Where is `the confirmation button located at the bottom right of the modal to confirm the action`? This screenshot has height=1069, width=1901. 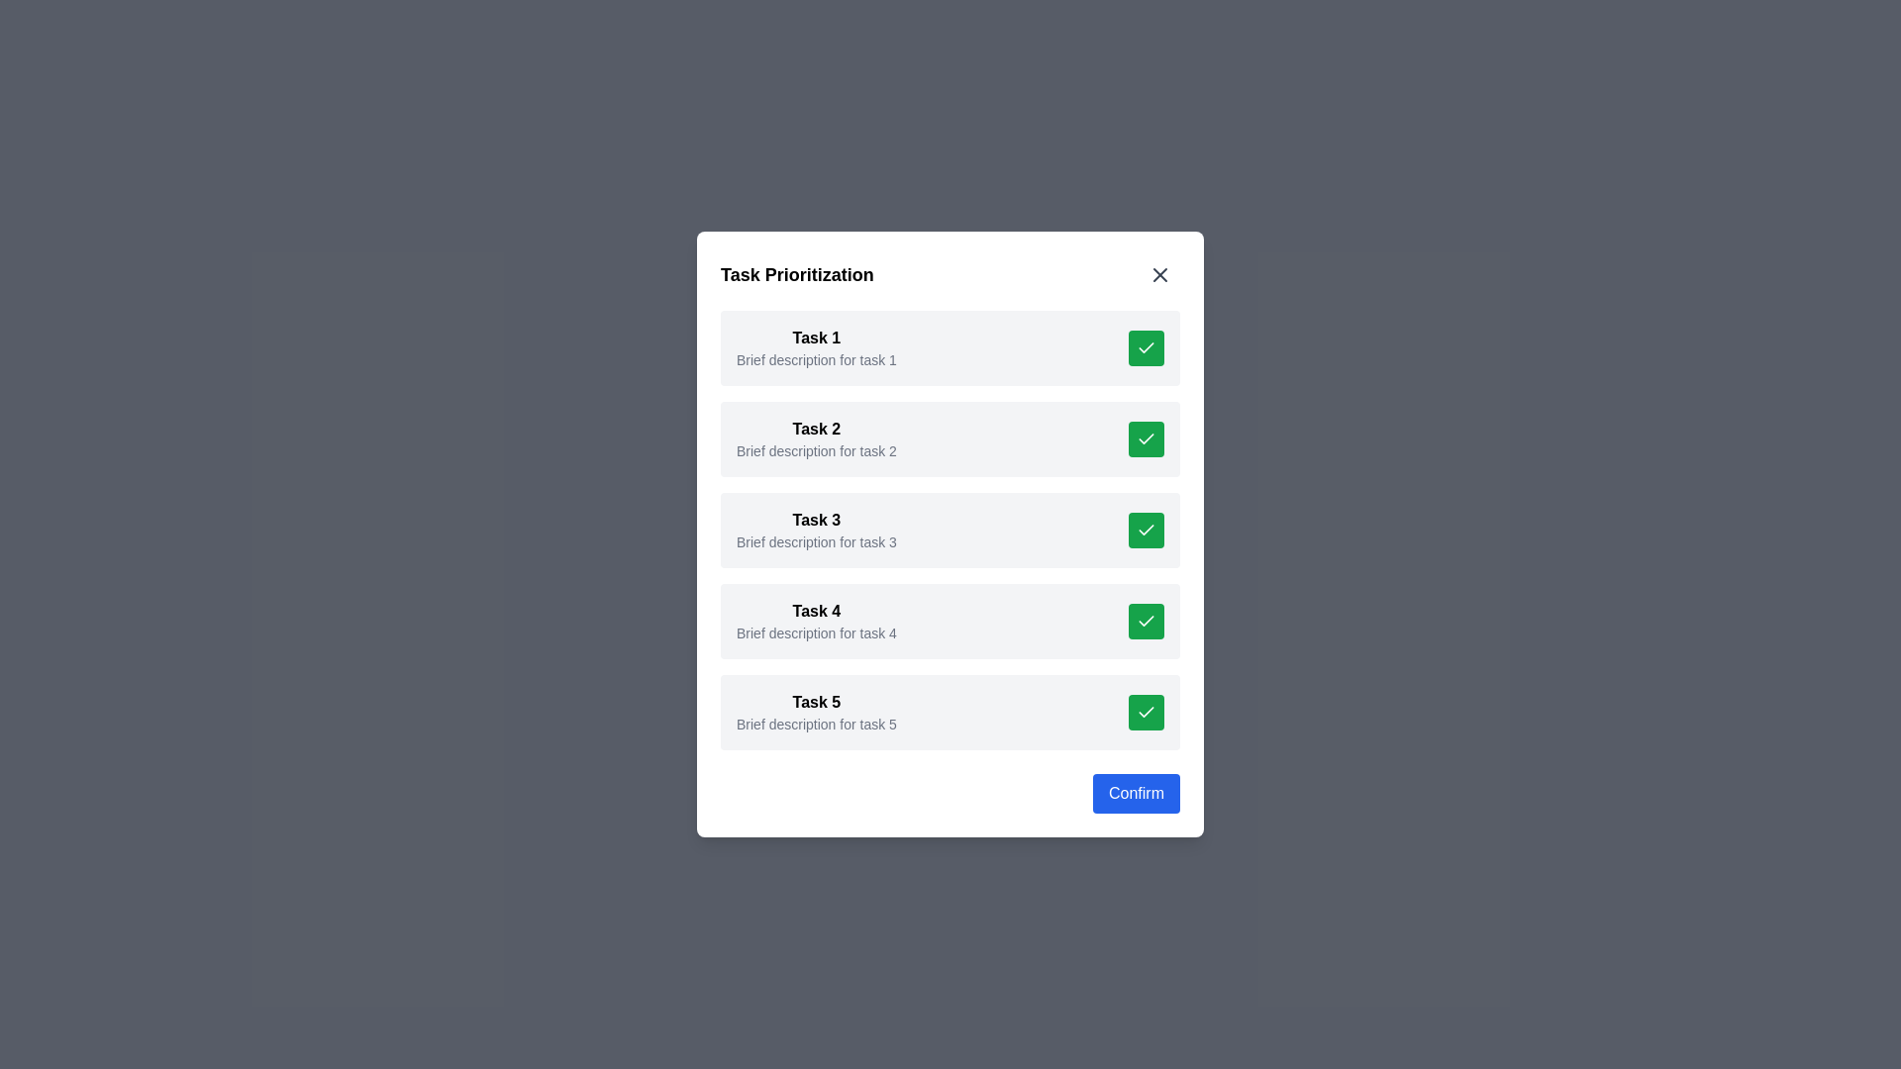
the confirmation button located at the bottom right of the modal to confirm the action is located at coordinates (1136, 793).